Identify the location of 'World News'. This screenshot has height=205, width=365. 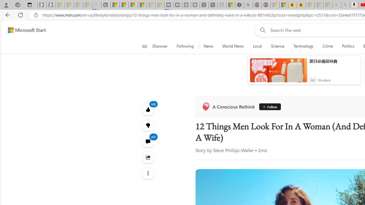
(233, 46).